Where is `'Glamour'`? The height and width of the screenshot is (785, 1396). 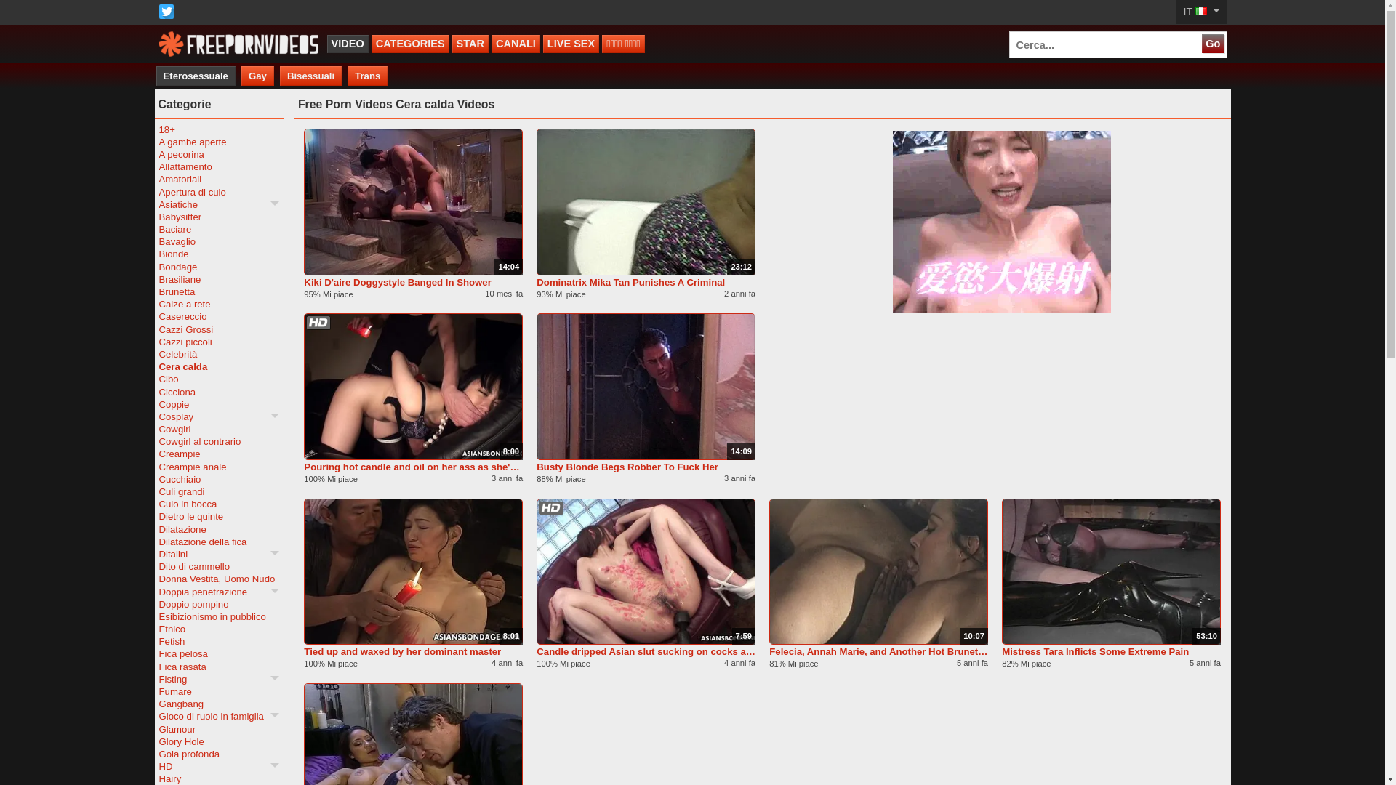
'Glamour' is located at coordinates (218, 729).